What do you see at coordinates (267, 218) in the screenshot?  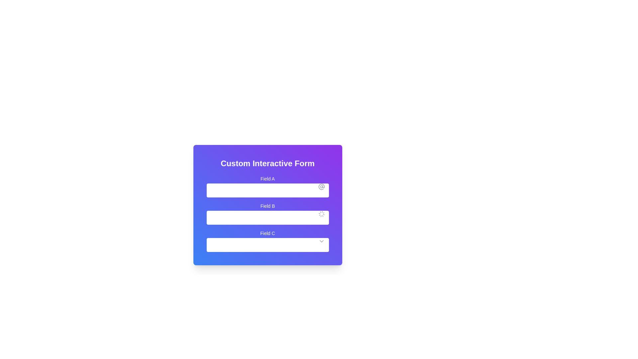 I see `the real-time updates in the Text Input field located below the label 'Field B', which has a spinning loader icon to the right` at bounding box center [267, 218].